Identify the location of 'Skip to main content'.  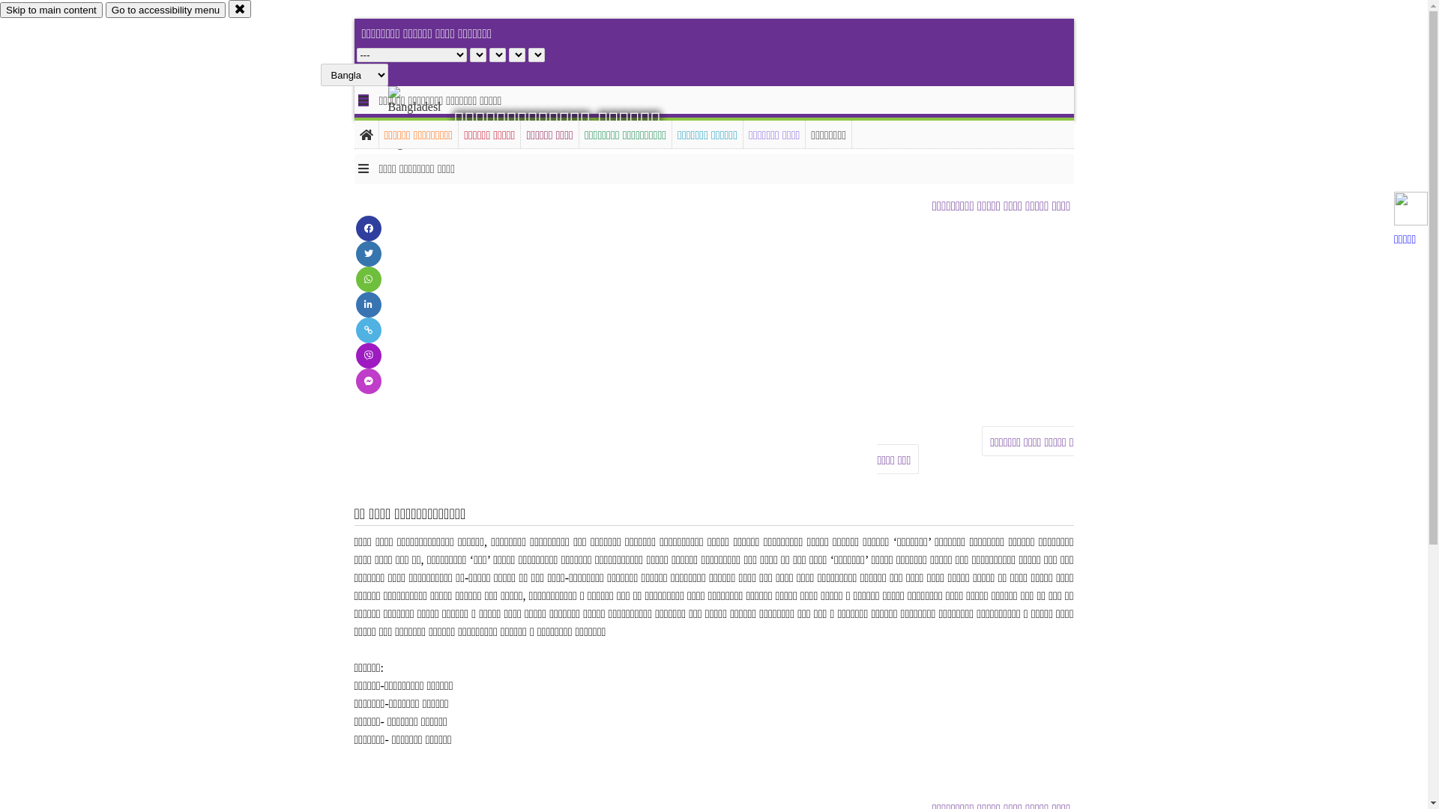
(0, 10).